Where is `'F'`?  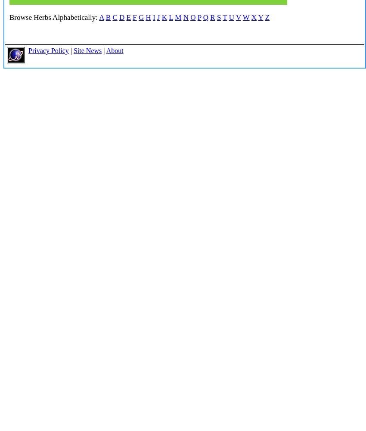 'F' is located at coordinates (133, 17).